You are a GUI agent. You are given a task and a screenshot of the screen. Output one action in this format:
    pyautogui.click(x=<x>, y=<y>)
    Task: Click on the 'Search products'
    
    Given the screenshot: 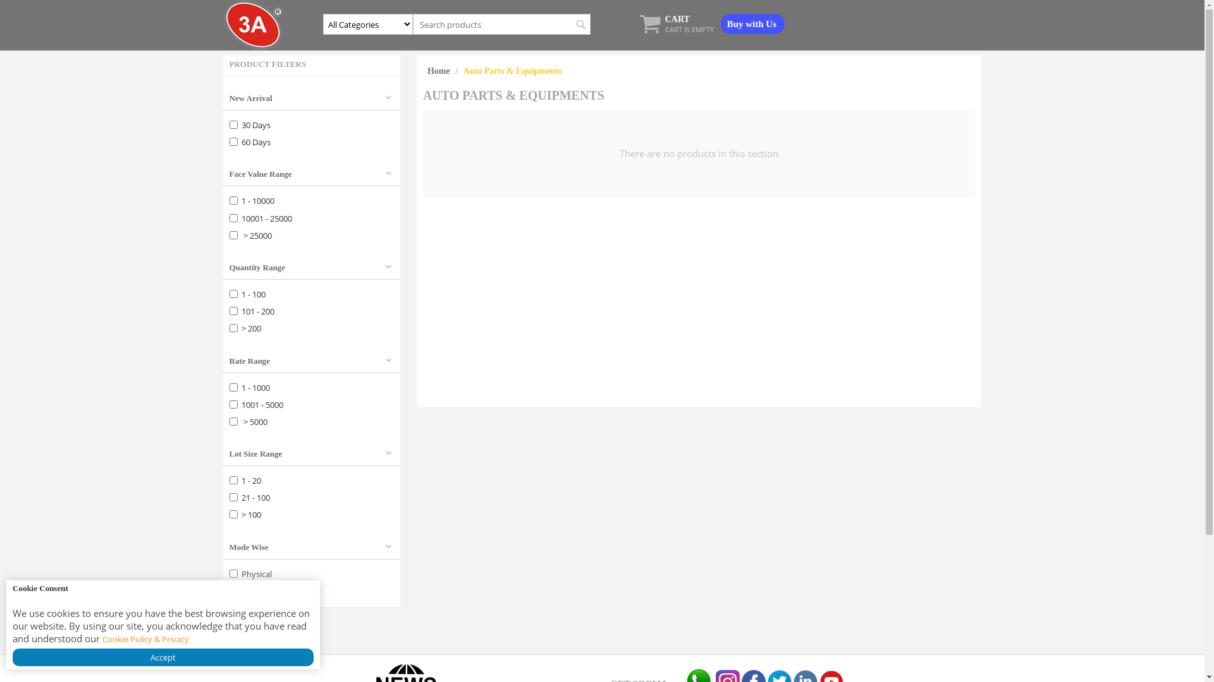 What is the action you would take?
    pyautogui.click(x=501, y=24)
    